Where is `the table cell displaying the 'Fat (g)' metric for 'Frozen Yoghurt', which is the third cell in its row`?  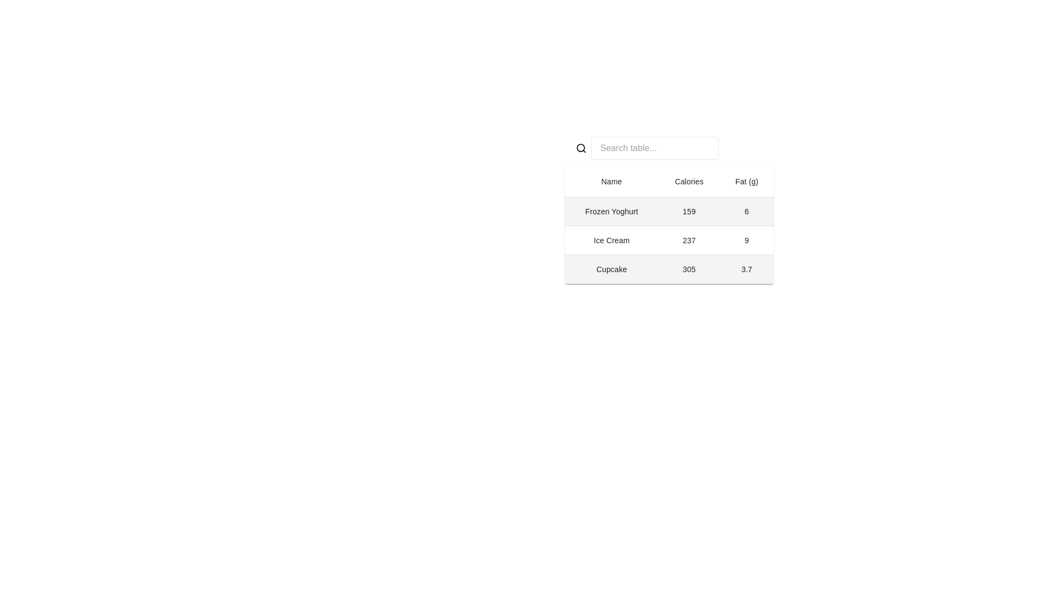
the table cell displaying the 'Fat (g)' metric for 'Frozen Yoghurt', which is the third cell in its row is located at coordinates (746, 212).